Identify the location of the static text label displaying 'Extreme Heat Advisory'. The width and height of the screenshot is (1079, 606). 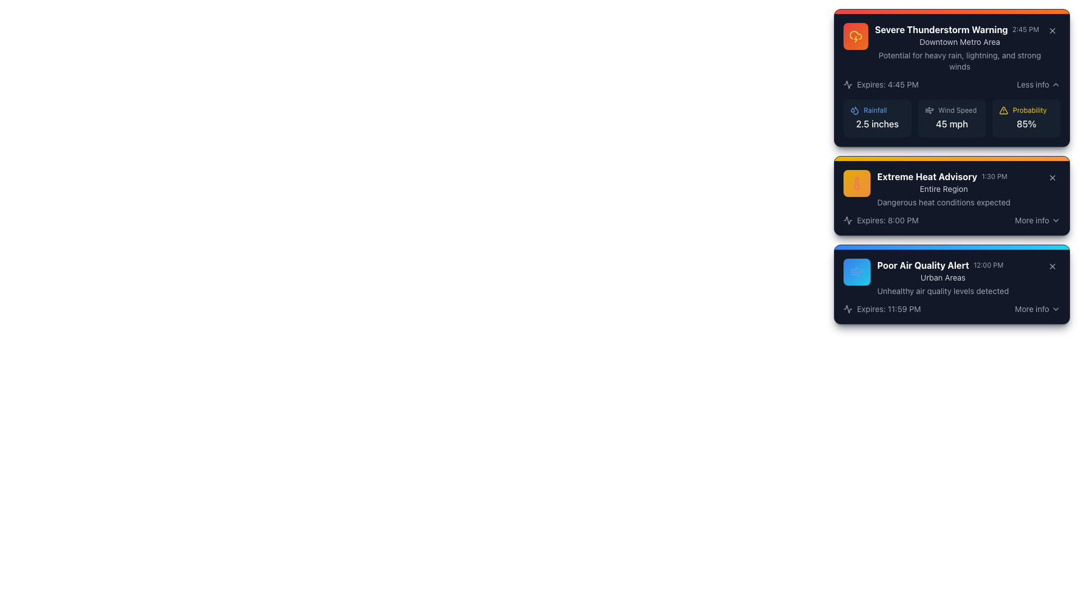
(944, 177).